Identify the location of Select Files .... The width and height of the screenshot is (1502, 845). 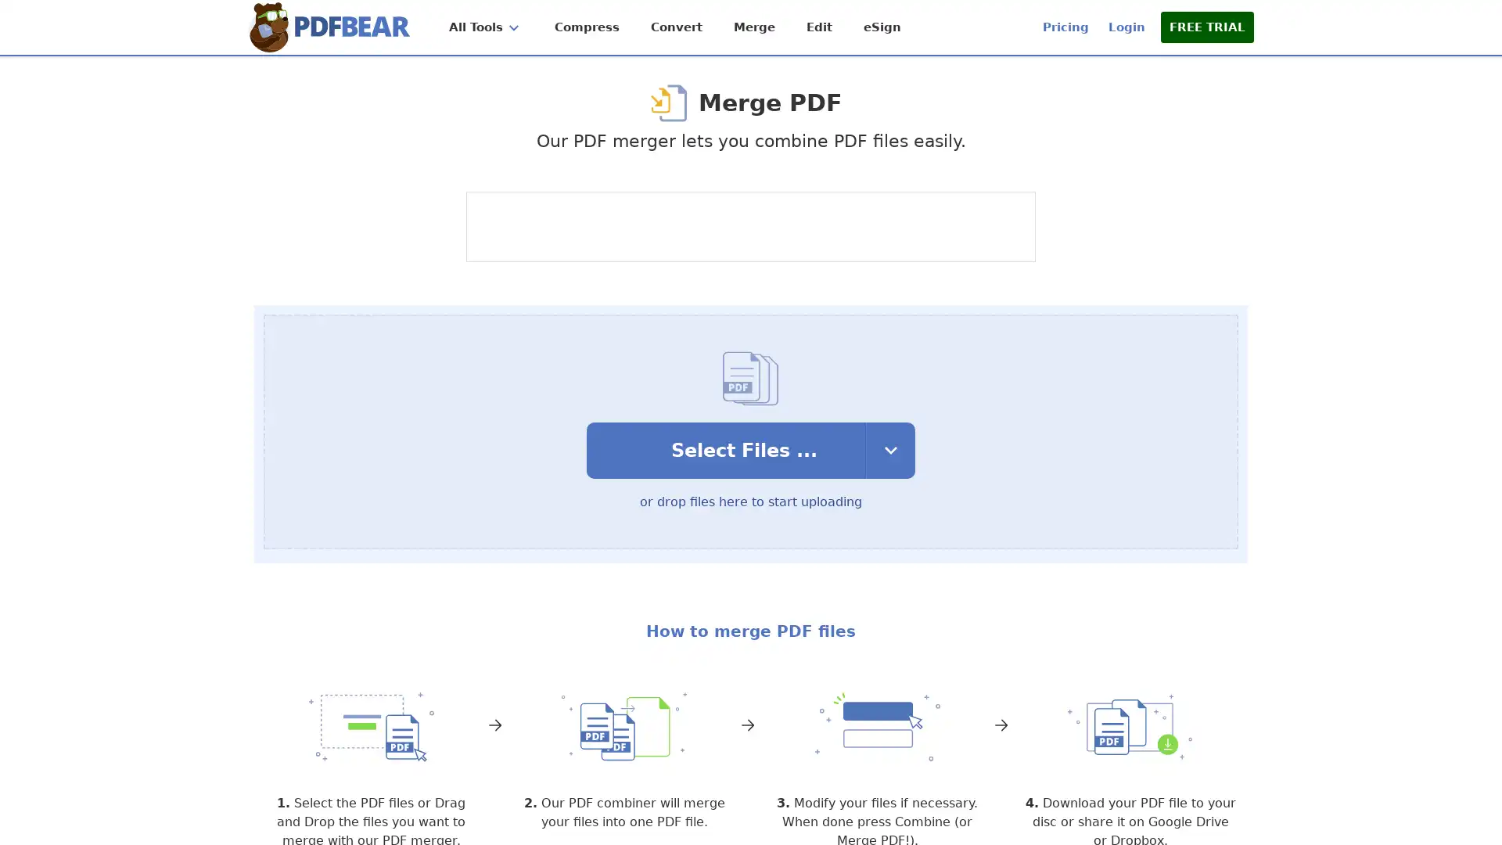
(725, 449).